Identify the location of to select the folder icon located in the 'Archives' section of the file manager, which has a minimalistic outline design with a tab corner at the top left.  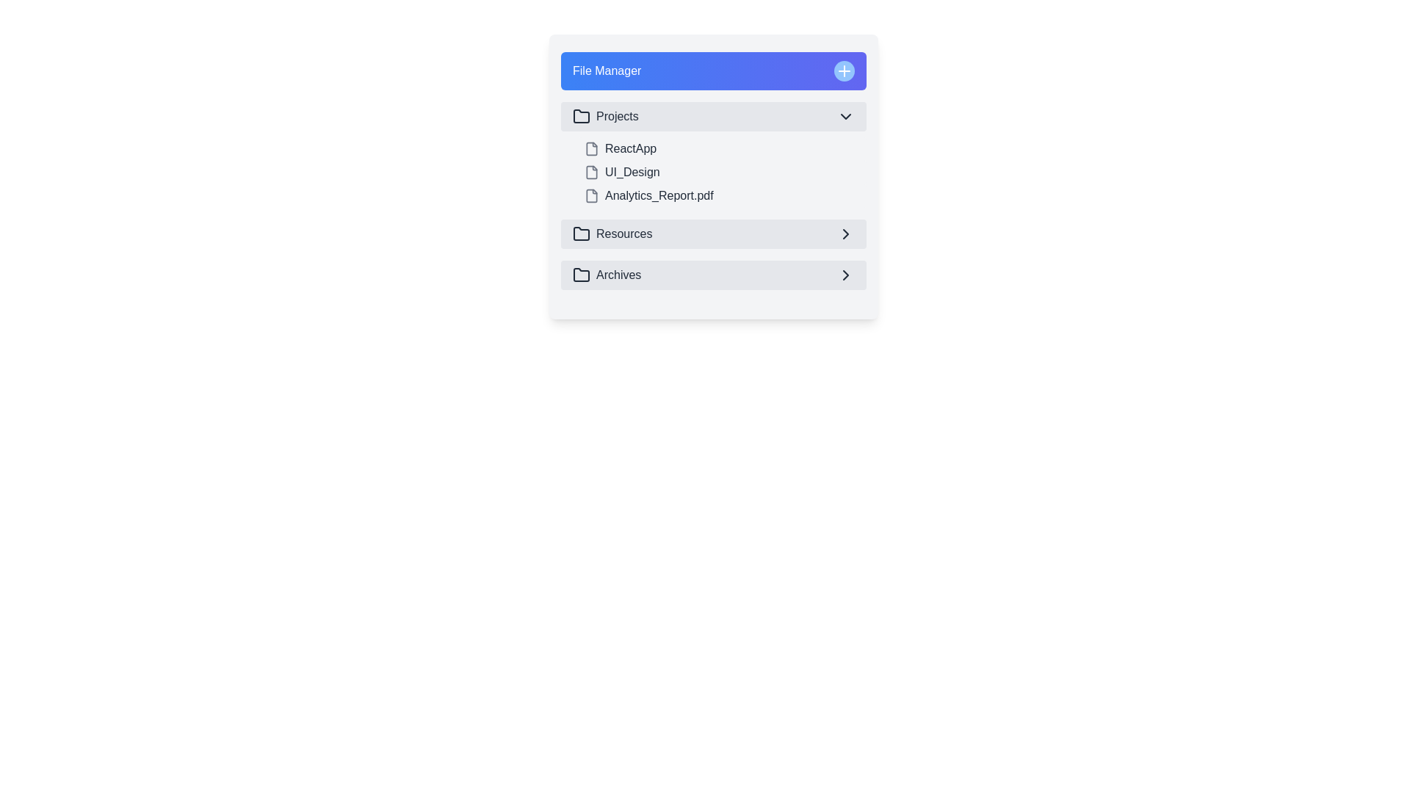
(581, 275).